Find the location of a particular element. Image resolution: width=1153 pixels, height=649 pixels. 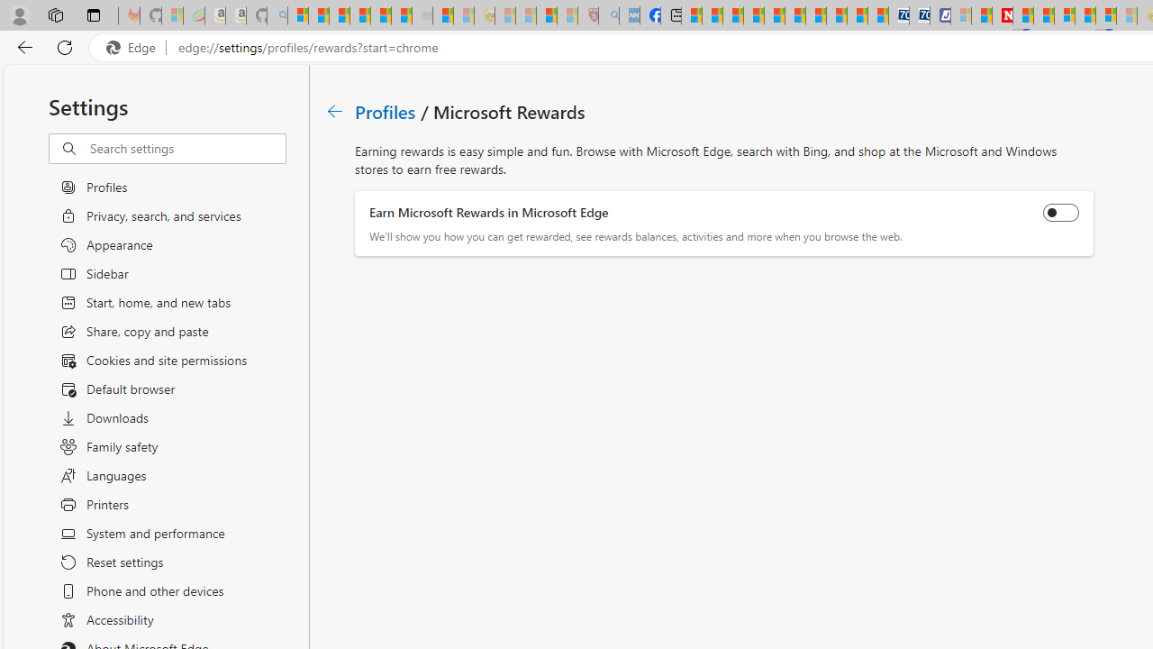

'World - MSN' is located at coordinates (733, 15).